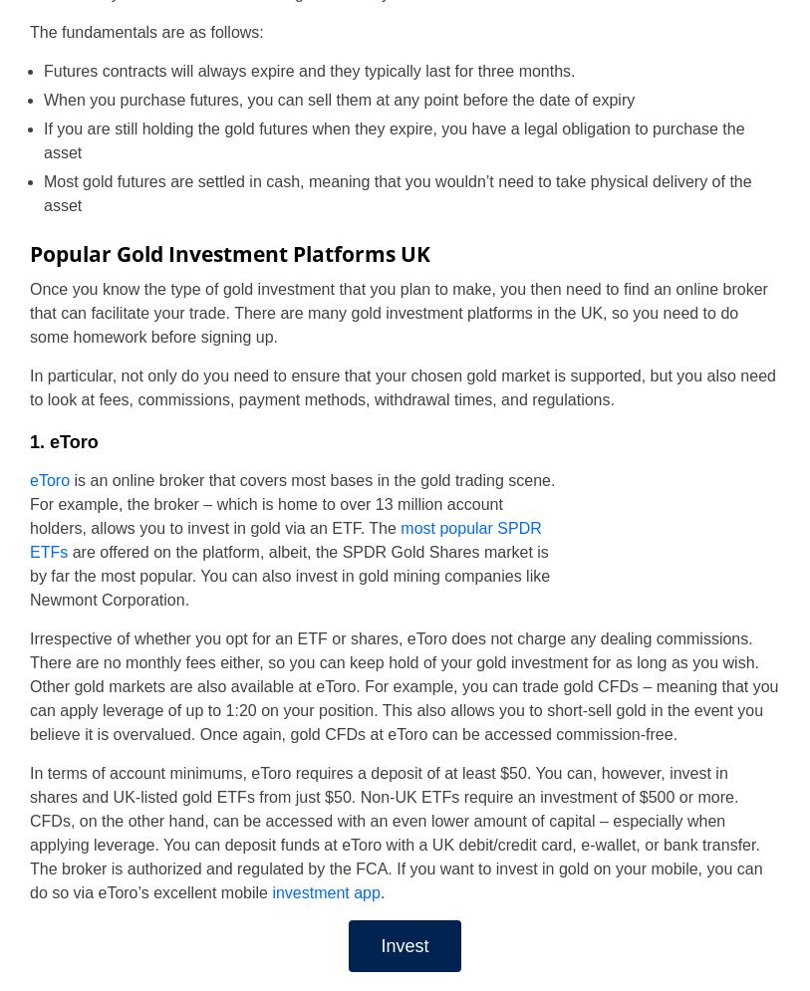  Describe the element at coordinates (397, 312) in the screenshot. I see `'Once you know the type of gold investment that you plan to make, you then need to find an online broker that can facilitate your trade. There are many gold investment platforms in the UK, so you need to do some homework before signing up.'` at that location.